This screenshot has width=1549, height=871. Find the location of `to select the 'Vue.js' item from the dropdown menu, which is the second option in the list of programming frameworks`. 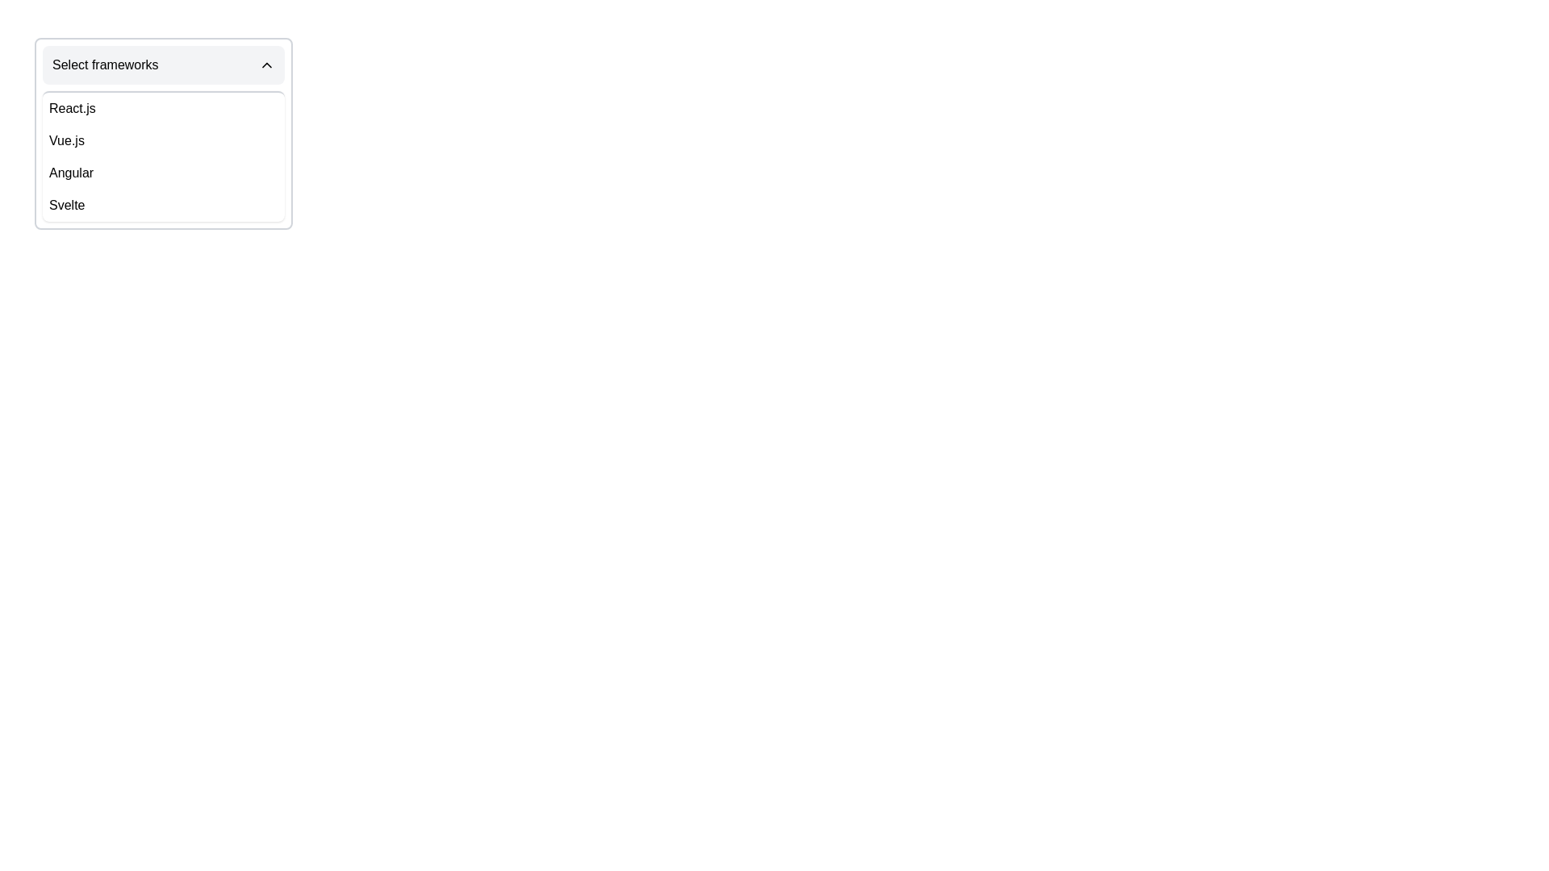

to select the 'Vue.js' item from the dropdown menu, which is the second option in the list of programming frameworks is located at coordinates (163, 140).